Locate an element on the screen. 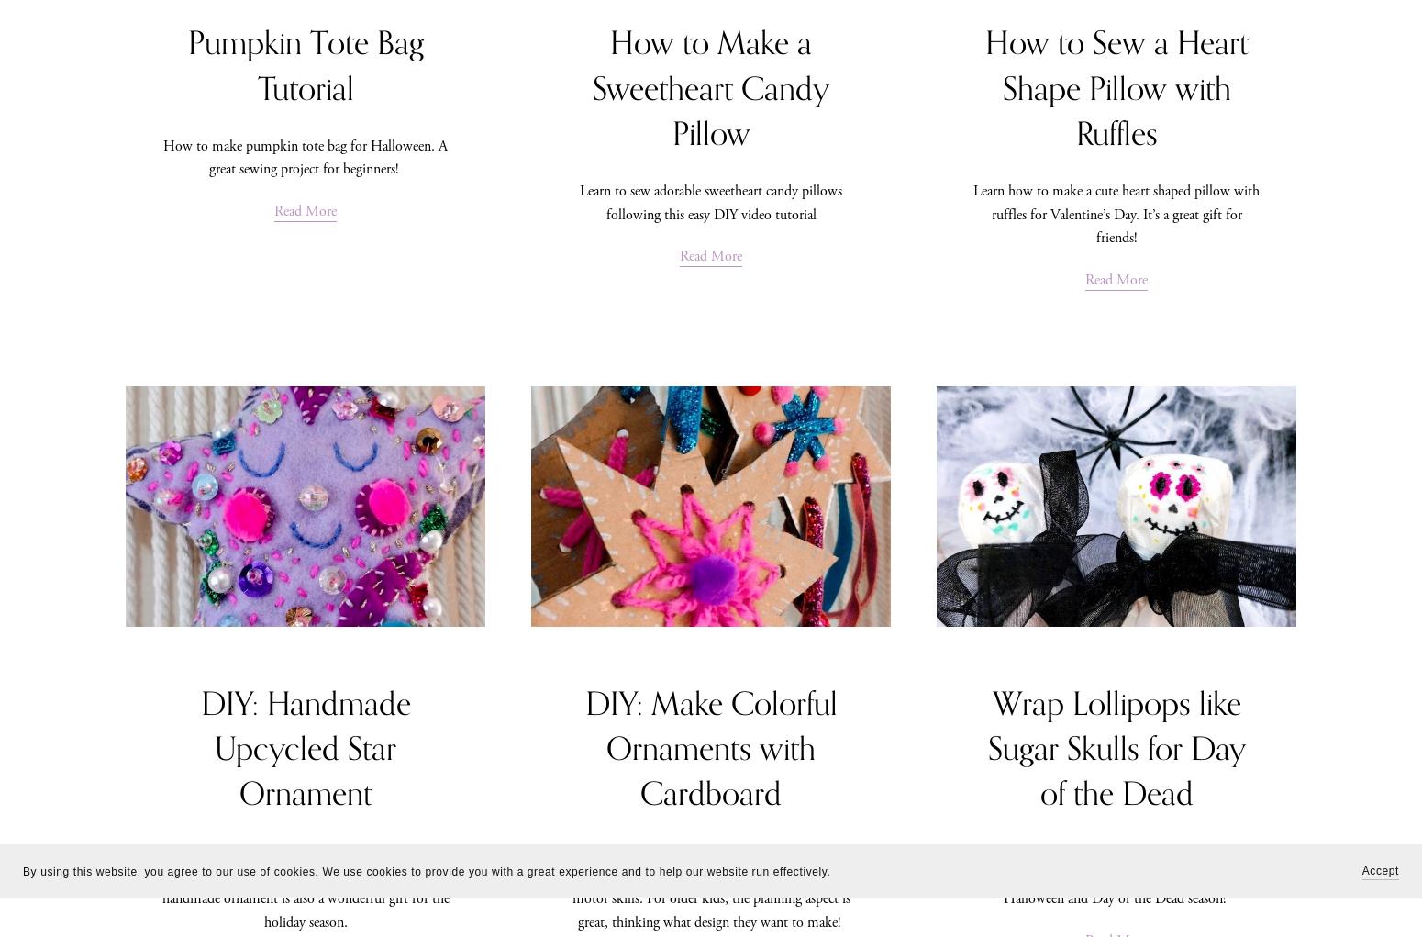 Image resolution: width=1422 pixels, height=937 pixels. 'Pumpkin Tote Bag Tutorial' is located at coordinates (304, 65).